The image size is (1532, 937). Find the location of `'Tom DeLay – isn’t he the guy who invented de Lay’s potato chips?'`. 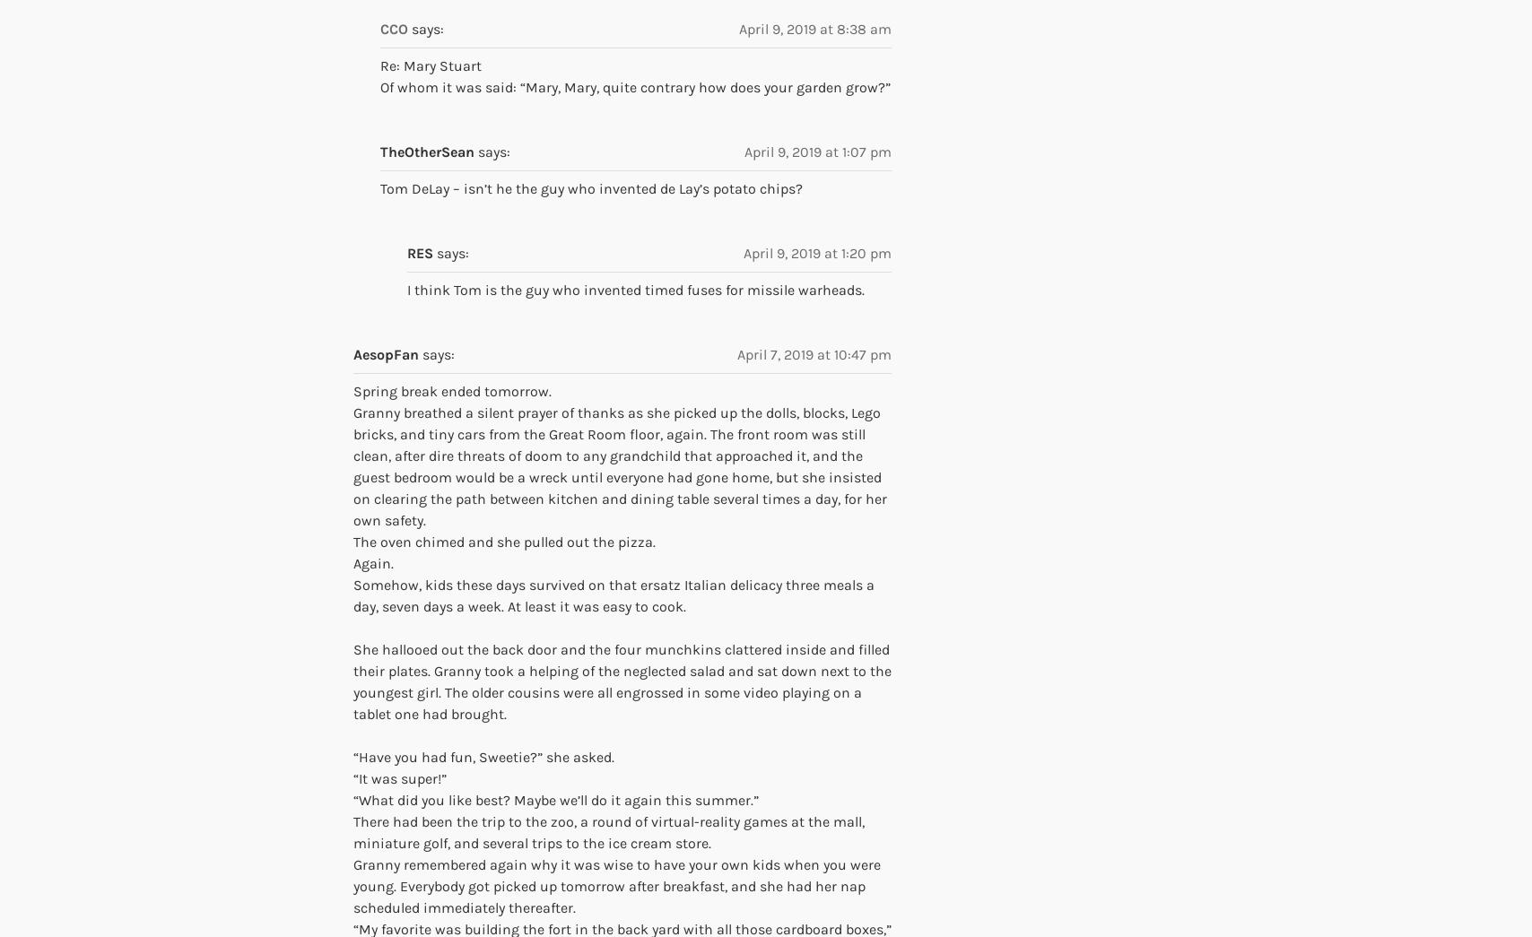

'Tom DeLay – isn’t he the guy who invented de Lay’s potato chips?' is located at coordinates (591, 188).